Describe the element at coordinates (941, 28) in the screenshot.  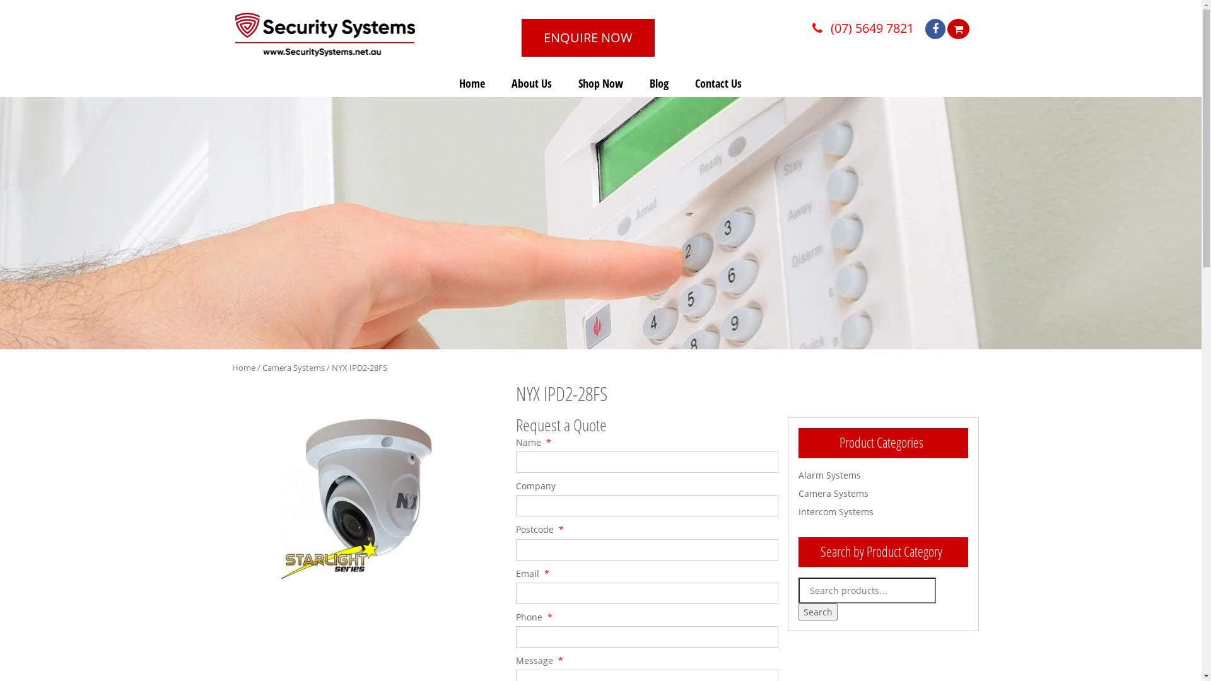
I see `'facebook'` at that location.